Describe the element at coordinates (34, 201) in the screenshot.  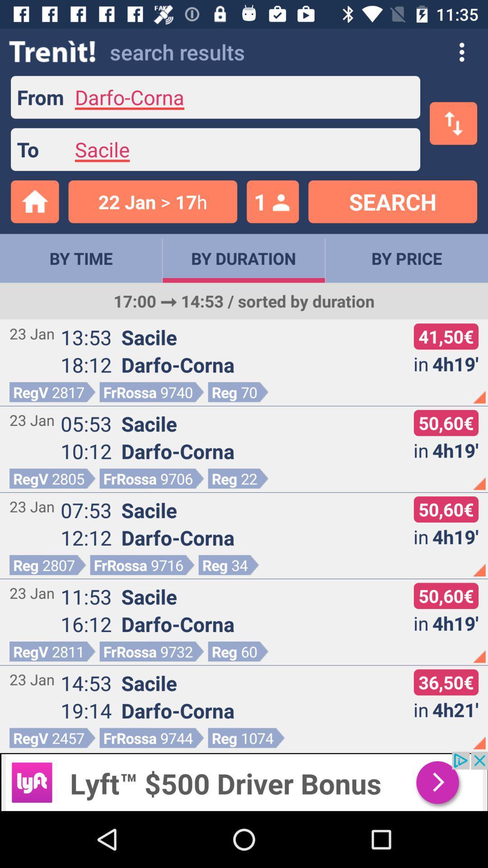
I see `the home icon` at that location.